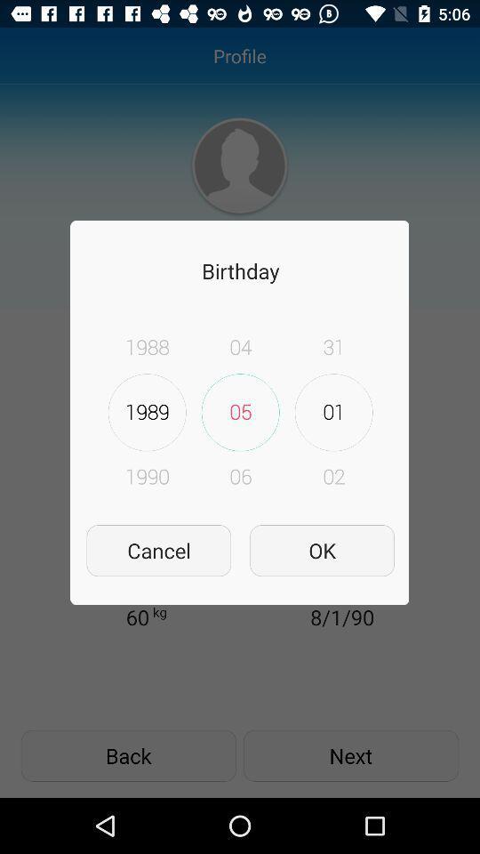 This screenshot has height=854, width=480. What do you see at coordinates (158, 550) in the screenshot?
I see `item next to ok item` at bounding box center [158, 550].